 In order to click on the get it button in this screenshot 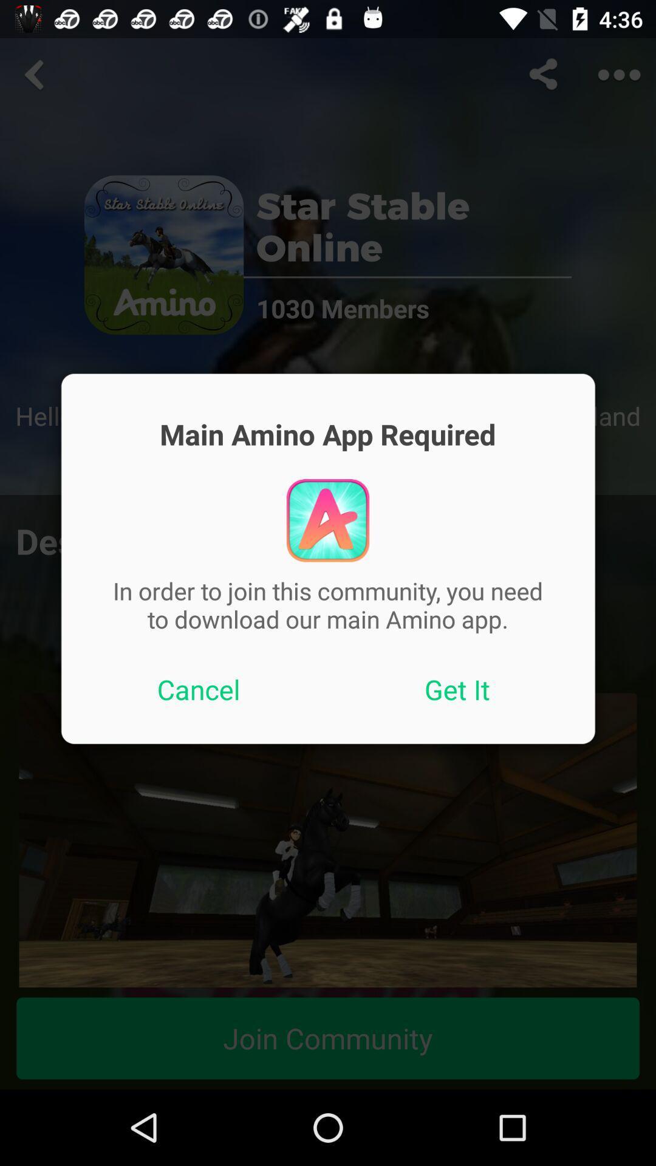, I will do `click(457, 689)`.